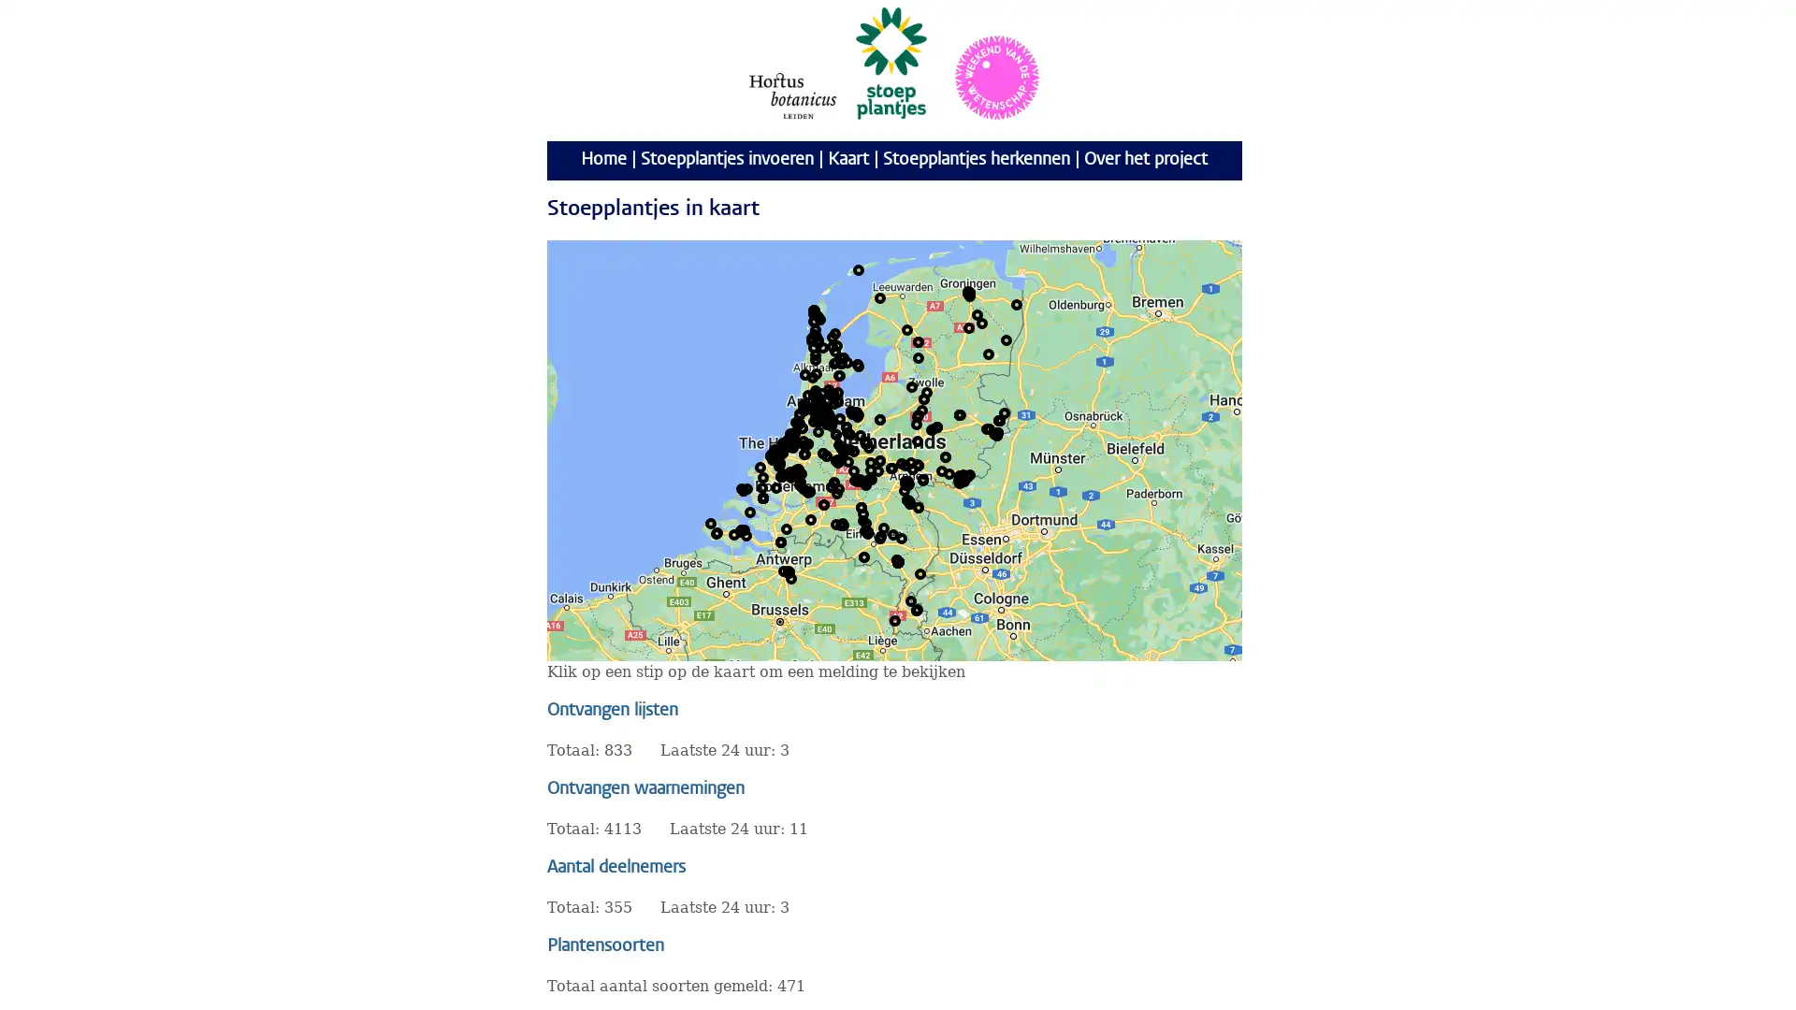 The image size is (1796, 1010). I want to click on Telling van op 08 april 2022, so click(891, 467).